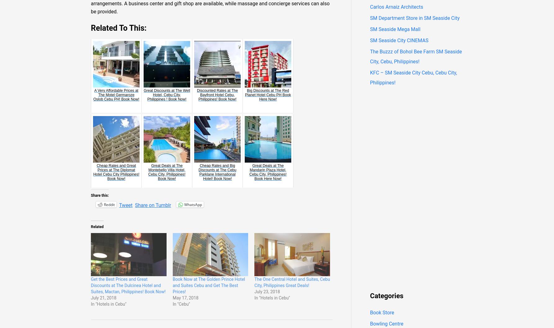 The image size is (554, 328). I want to click on 'SM Seaside City CINEMAS', so click(399, 40).